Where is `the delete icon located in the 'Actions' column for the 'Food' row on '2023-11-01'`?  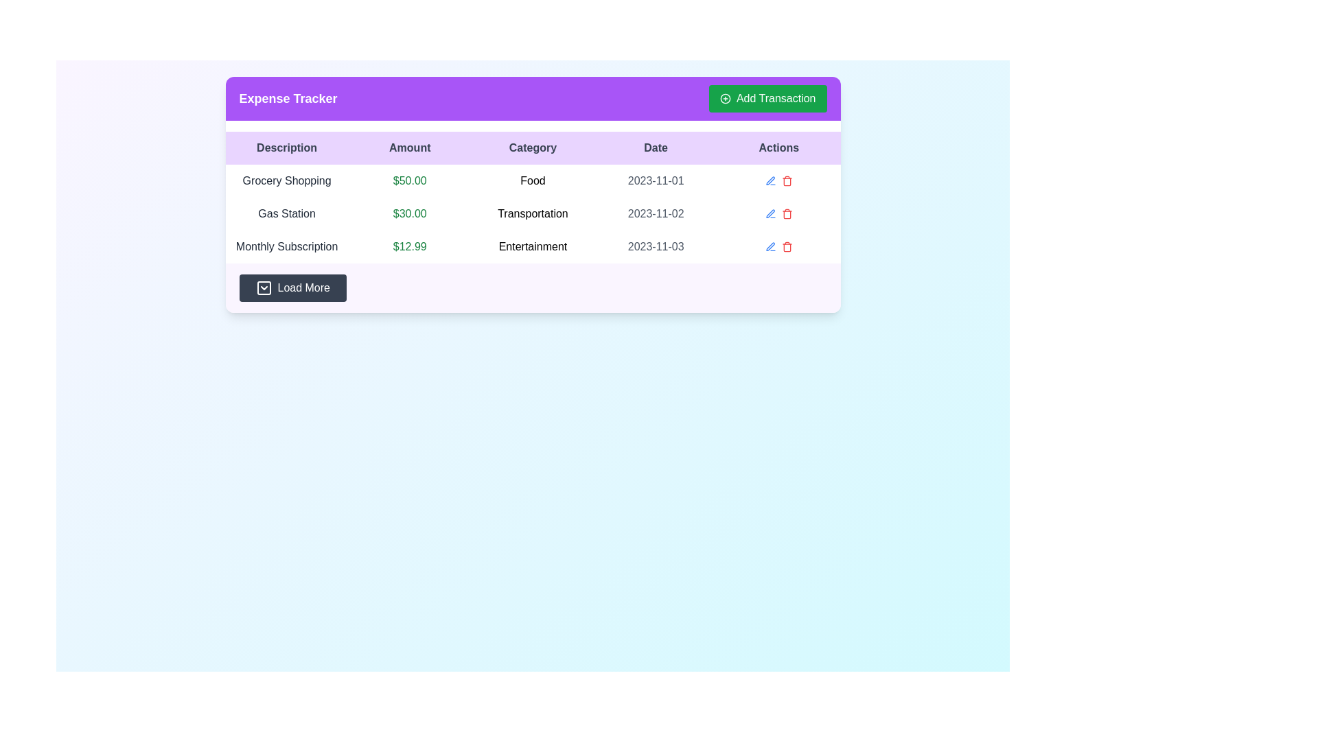
the delete icon located in the 'Actions' column for the 'Food' row on '2023-11-01' is located at coordinates (787, 181).